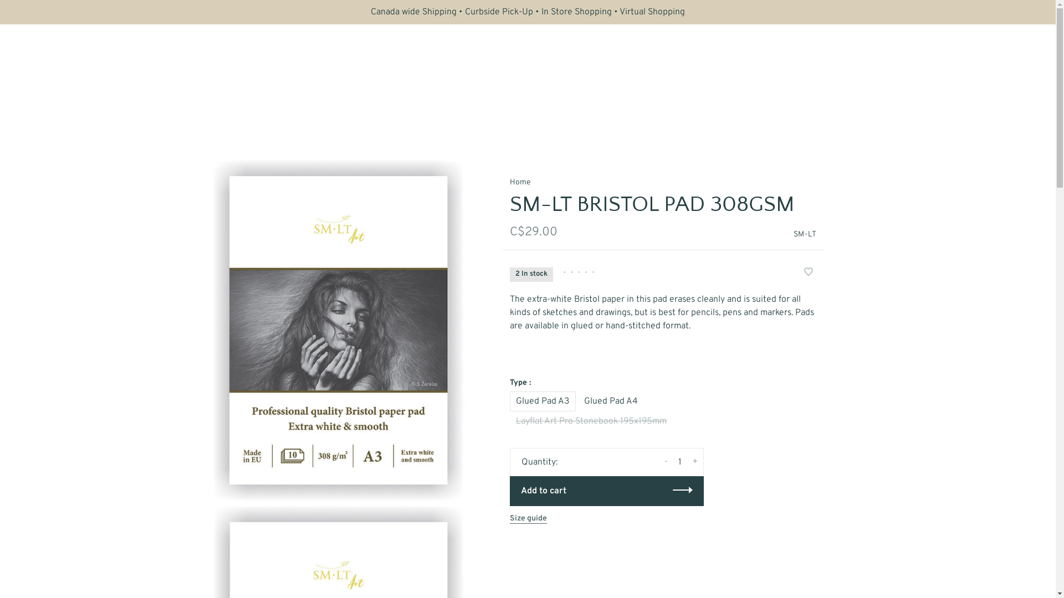  Describe the element at coordinates (528, 519) in the screenshot. I see `'Size guide'` at that location.